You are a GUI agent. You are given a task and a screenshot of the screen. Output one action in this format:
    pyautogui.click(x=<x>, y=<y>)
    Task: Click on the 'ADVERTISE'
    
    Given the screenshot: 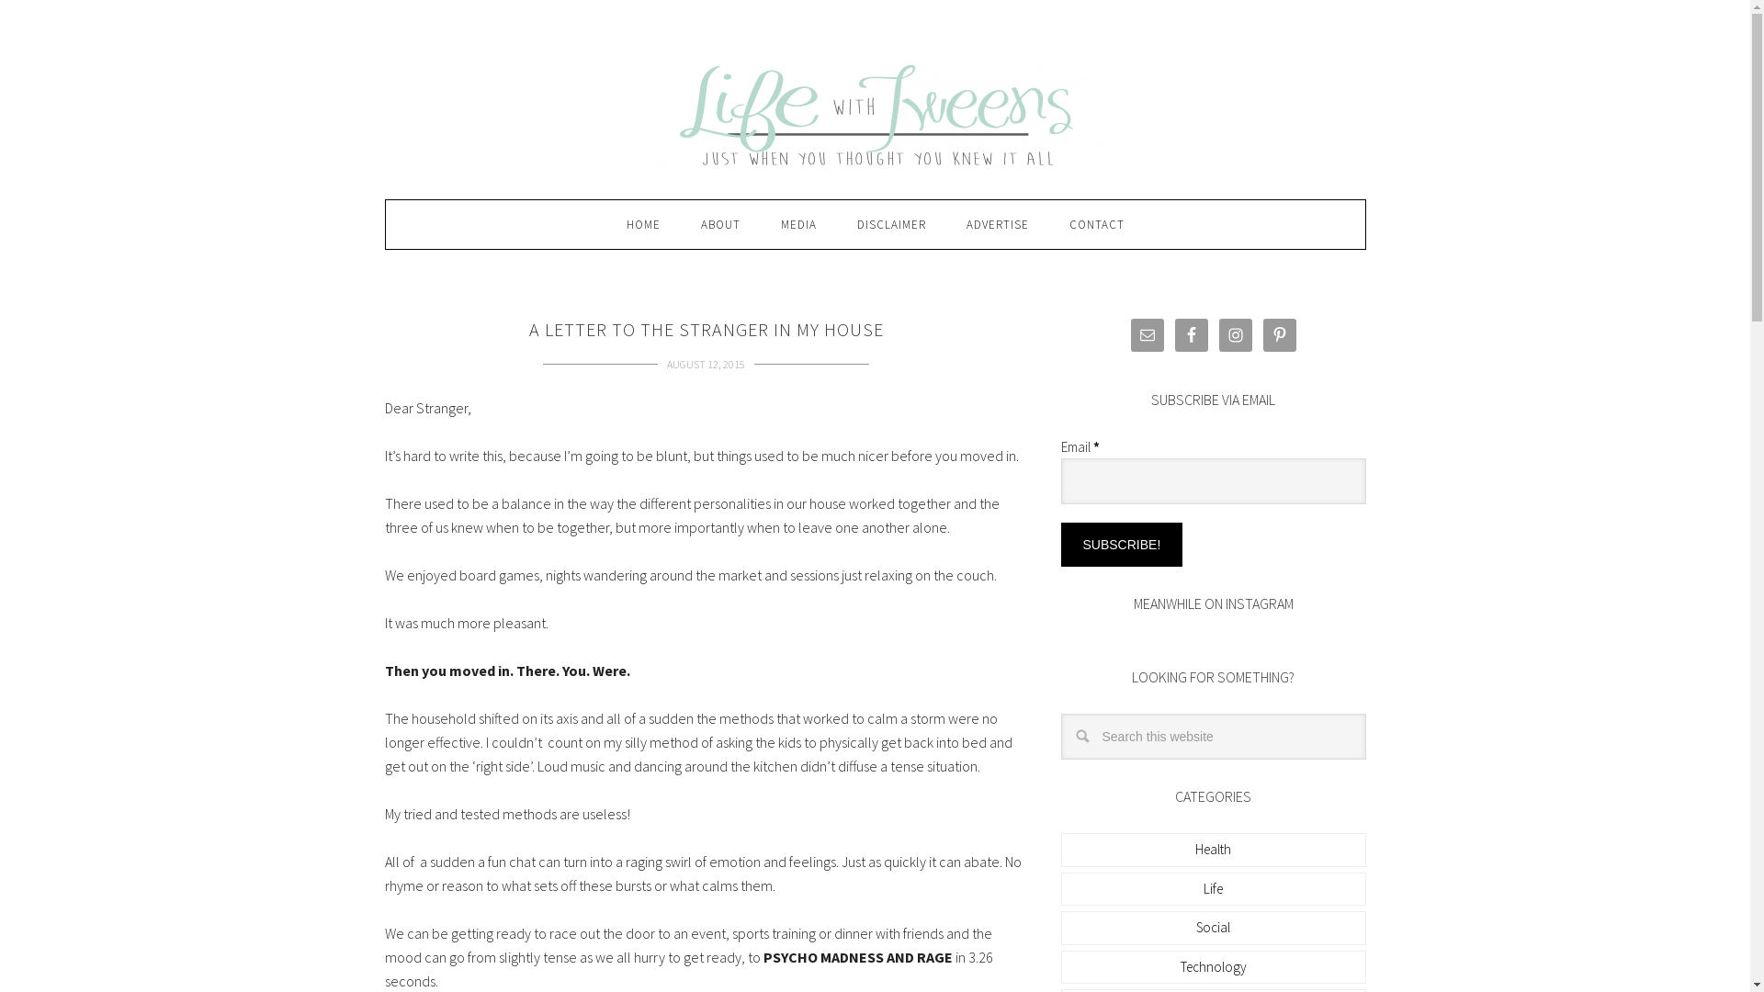 What is the action you would take?
    pyautogui.click(x=996, y=223)
    